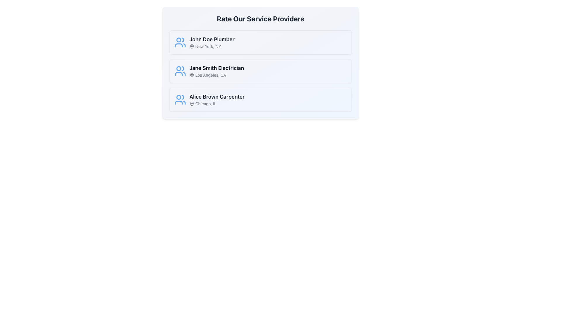 This screenshot has width=561, height=316. I want to click on attention on the Text Heading that serves as the title for the section above the list of service provider entries, so click(260, 18).